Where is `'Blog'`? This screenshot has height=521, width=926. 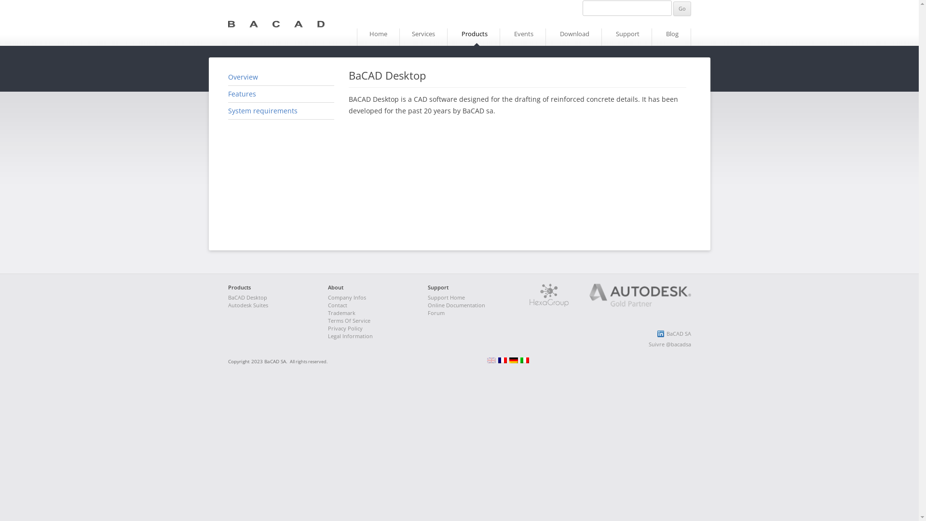 'Blog' is located at coordinates (671, 37).